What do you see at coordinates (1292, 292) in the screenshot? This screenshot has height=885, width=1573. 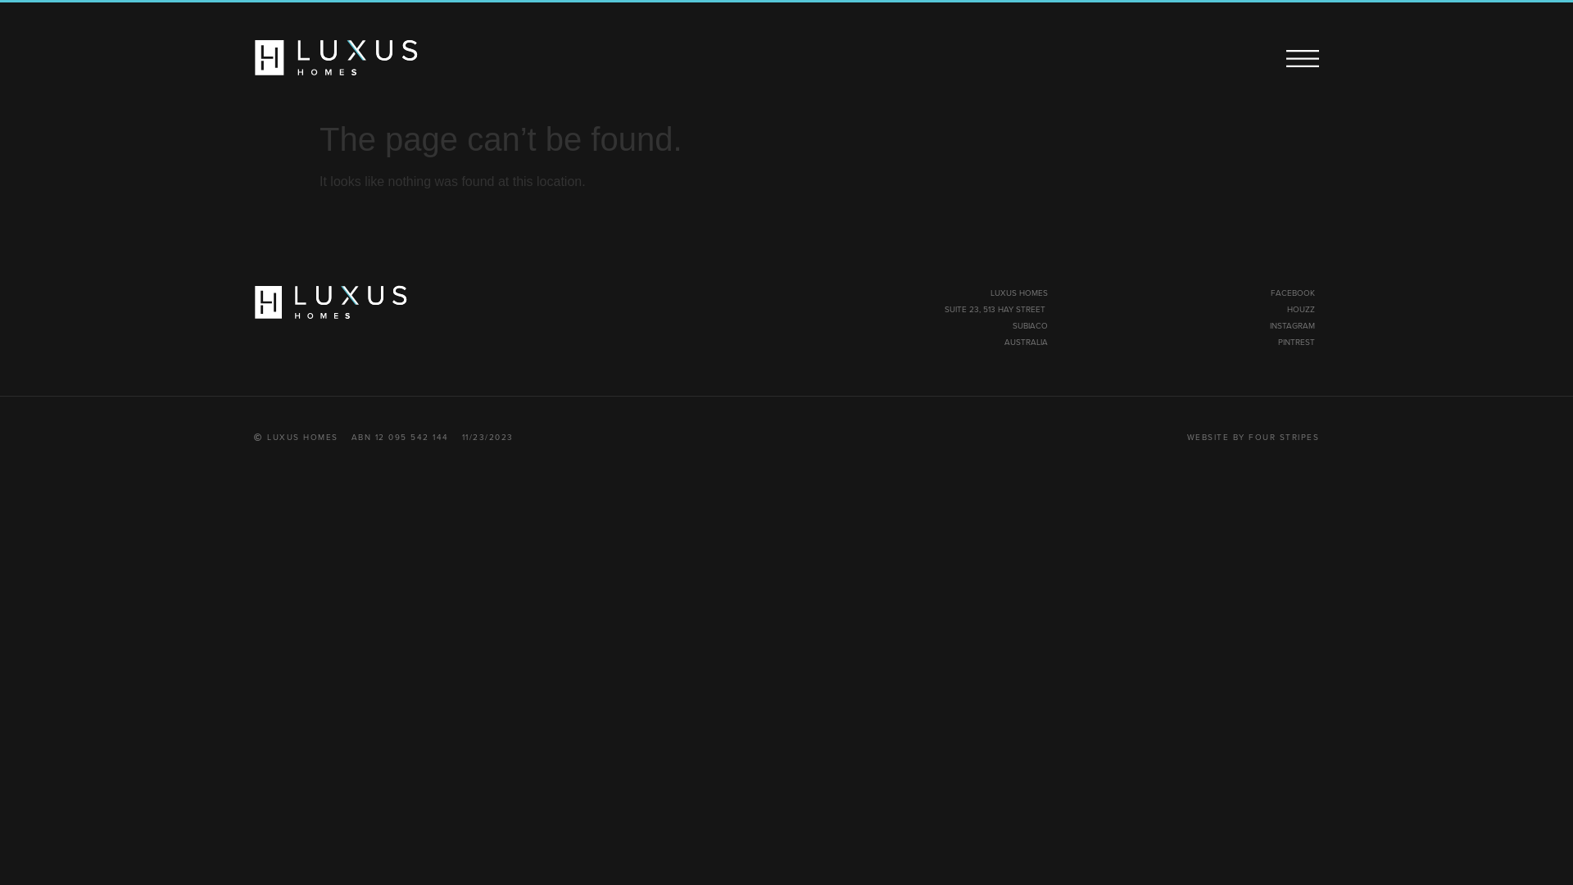 I see `'FACEBOOK'` at bounding box center [1292, 292].